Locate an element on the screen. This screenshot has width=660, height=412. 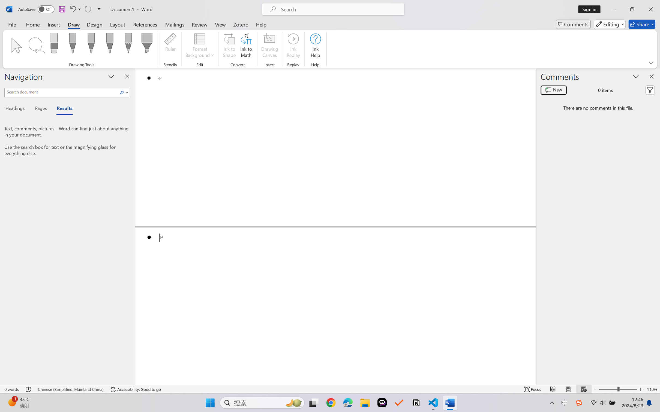
'Zoom 110%' is located at coordinates (652, 389).